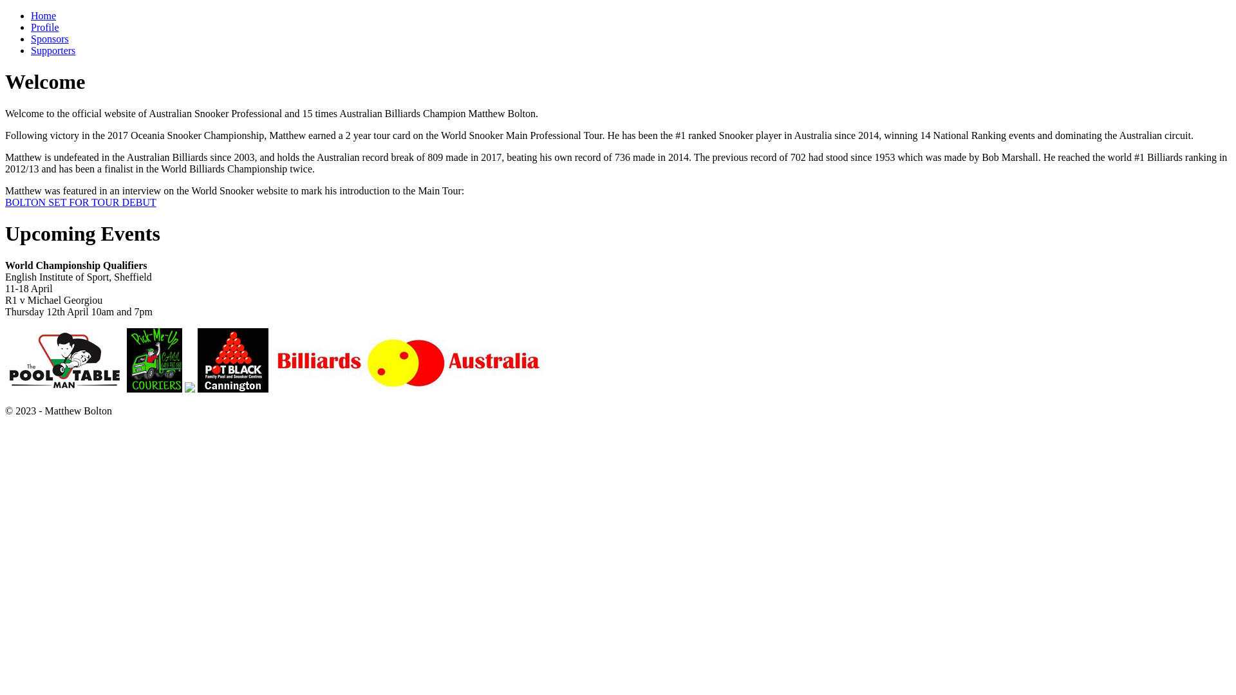 This screenshot has width=1236, height=695. Describe the element at coordinates (50, 38) in the screenshot. I see `'Sponsors'` at that location.